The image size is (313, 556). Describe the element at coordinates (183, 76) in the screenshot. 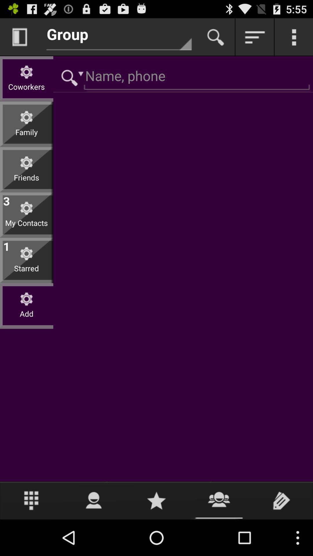

I see `search name or phone` at that location.